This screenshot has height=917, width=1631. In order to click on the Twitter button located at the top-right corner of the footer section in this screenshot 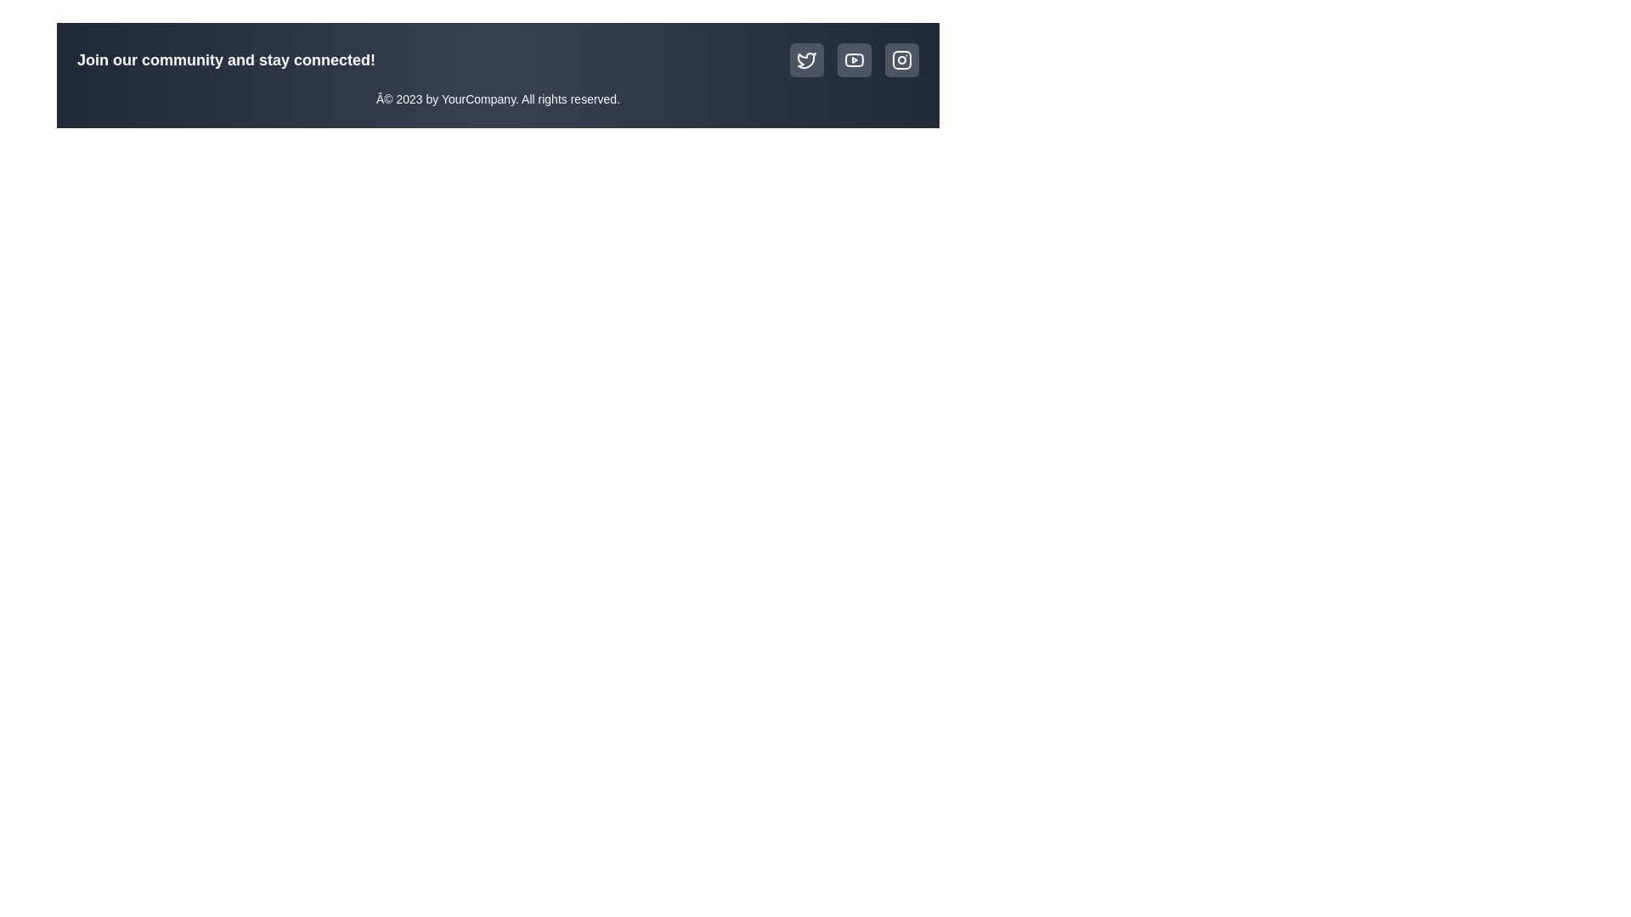, I will do `click(806, 59)`.